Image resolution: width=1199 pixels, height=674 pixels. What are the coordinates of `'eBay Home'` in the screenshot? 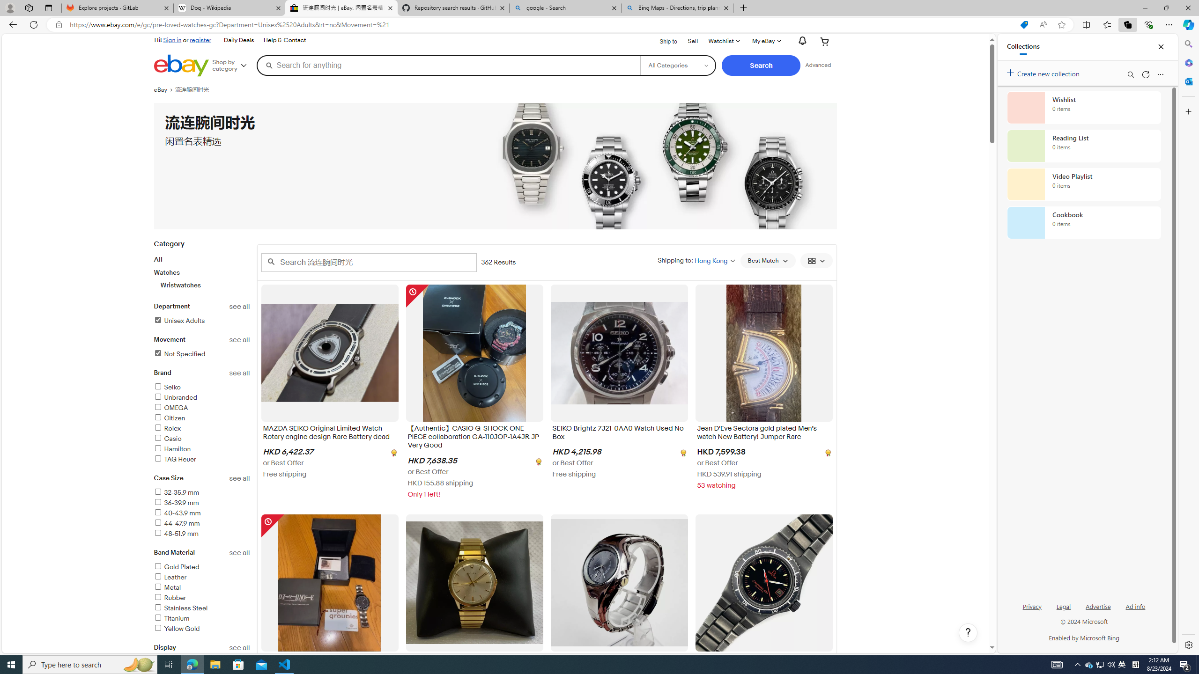 It's located at (181, 65).